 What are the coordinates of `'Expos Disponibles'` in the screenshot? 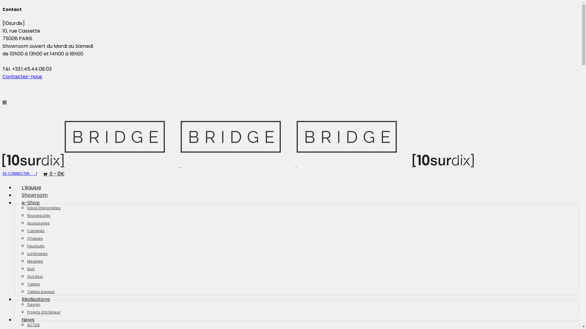 It's located at (44, 207).